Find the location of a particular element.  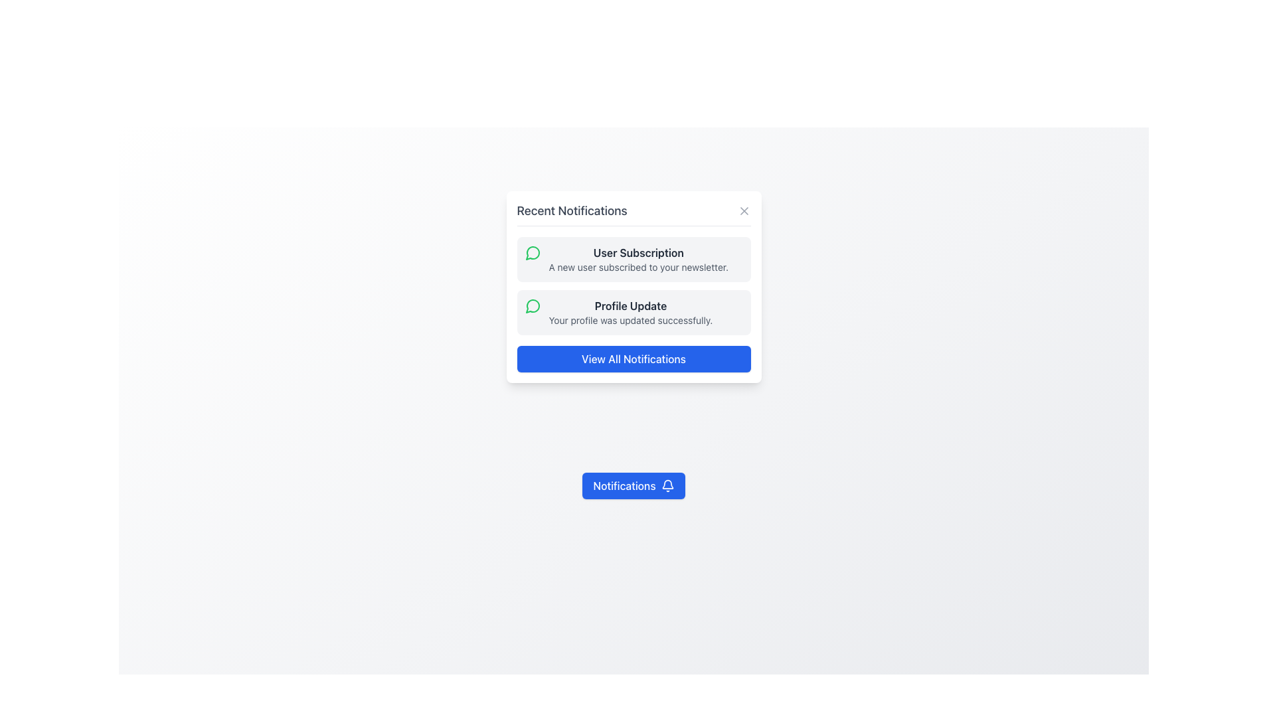

the static text element in the 'Recent Notifications' modal dialog box, which serves as a notification headline above the text 'Your profile was updated successfully.' is located at coordinates (630, 306).